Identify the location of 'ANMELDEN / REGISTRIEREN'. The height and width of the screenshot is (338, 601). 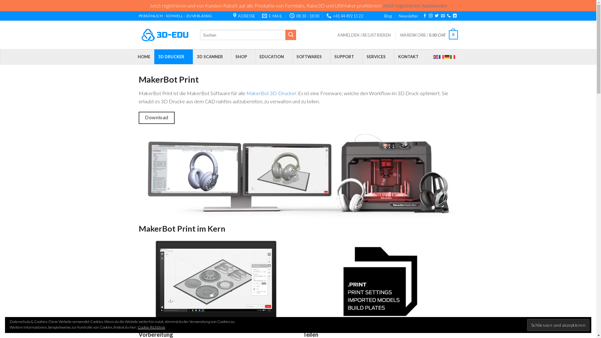
(364, 35).